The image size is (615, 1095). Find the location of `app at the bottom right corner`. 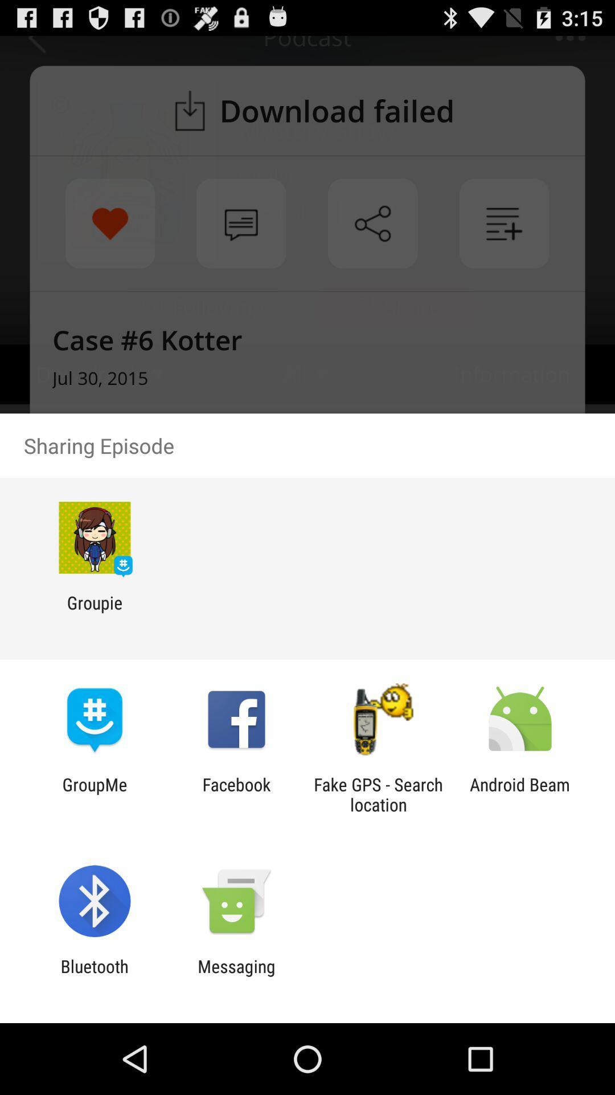

app at the bottom right corner is located at coordinates (520, 794).